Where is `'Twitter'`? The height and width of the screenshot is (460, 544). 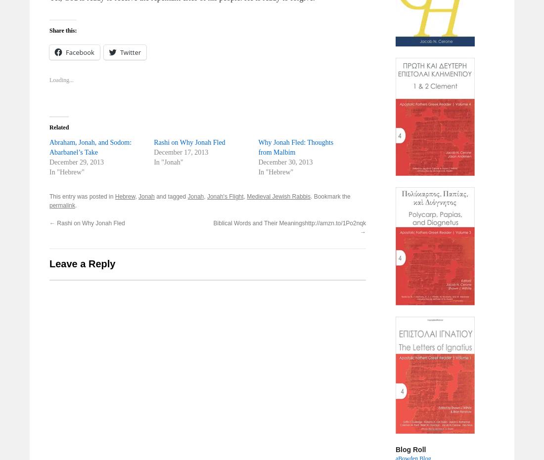 'Twitter' is located at coordinates (130, 52).